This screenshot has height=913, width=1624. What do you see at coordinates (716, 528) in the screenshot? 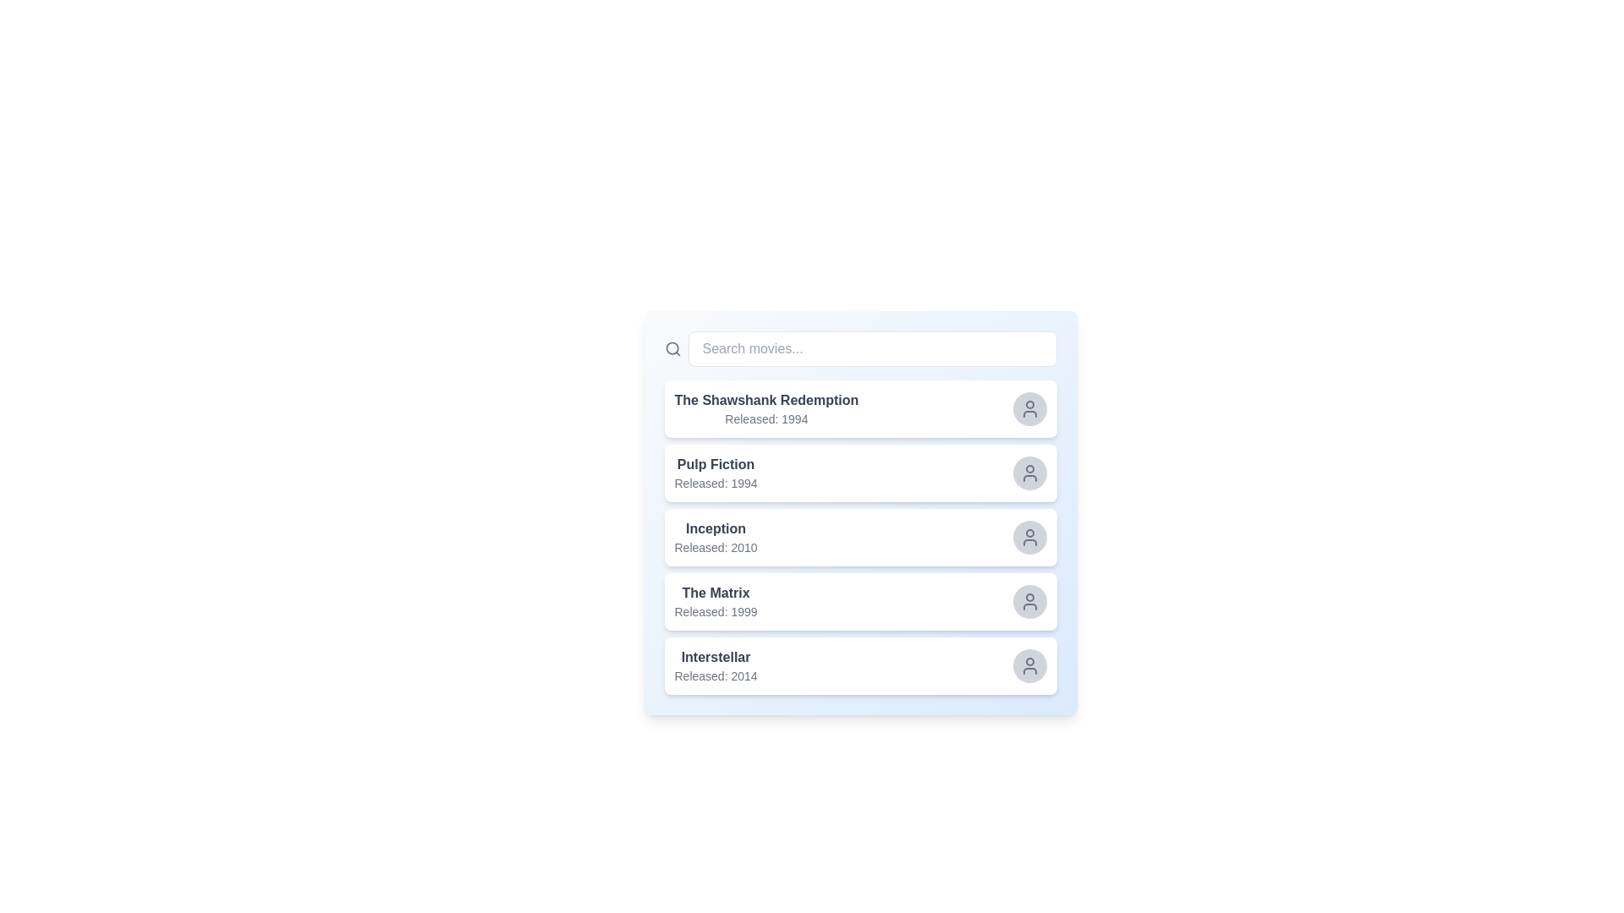
I see `the text label 'Inception' which is displayed in bold, dark gray font at the top of the third card in a vertically stacked list` at bounding box center [716, 528].